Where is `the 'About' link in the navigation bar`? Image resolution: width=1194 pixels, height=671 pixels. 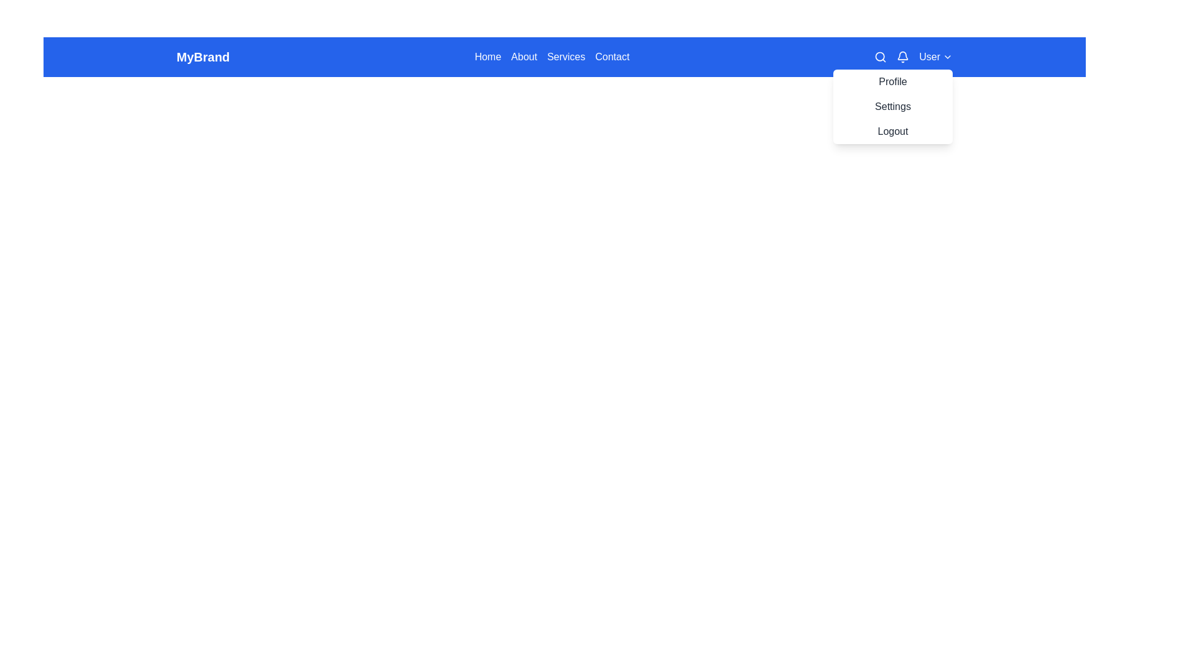
the 'About' link in the navigation bar is located at coordinates (524, 57).